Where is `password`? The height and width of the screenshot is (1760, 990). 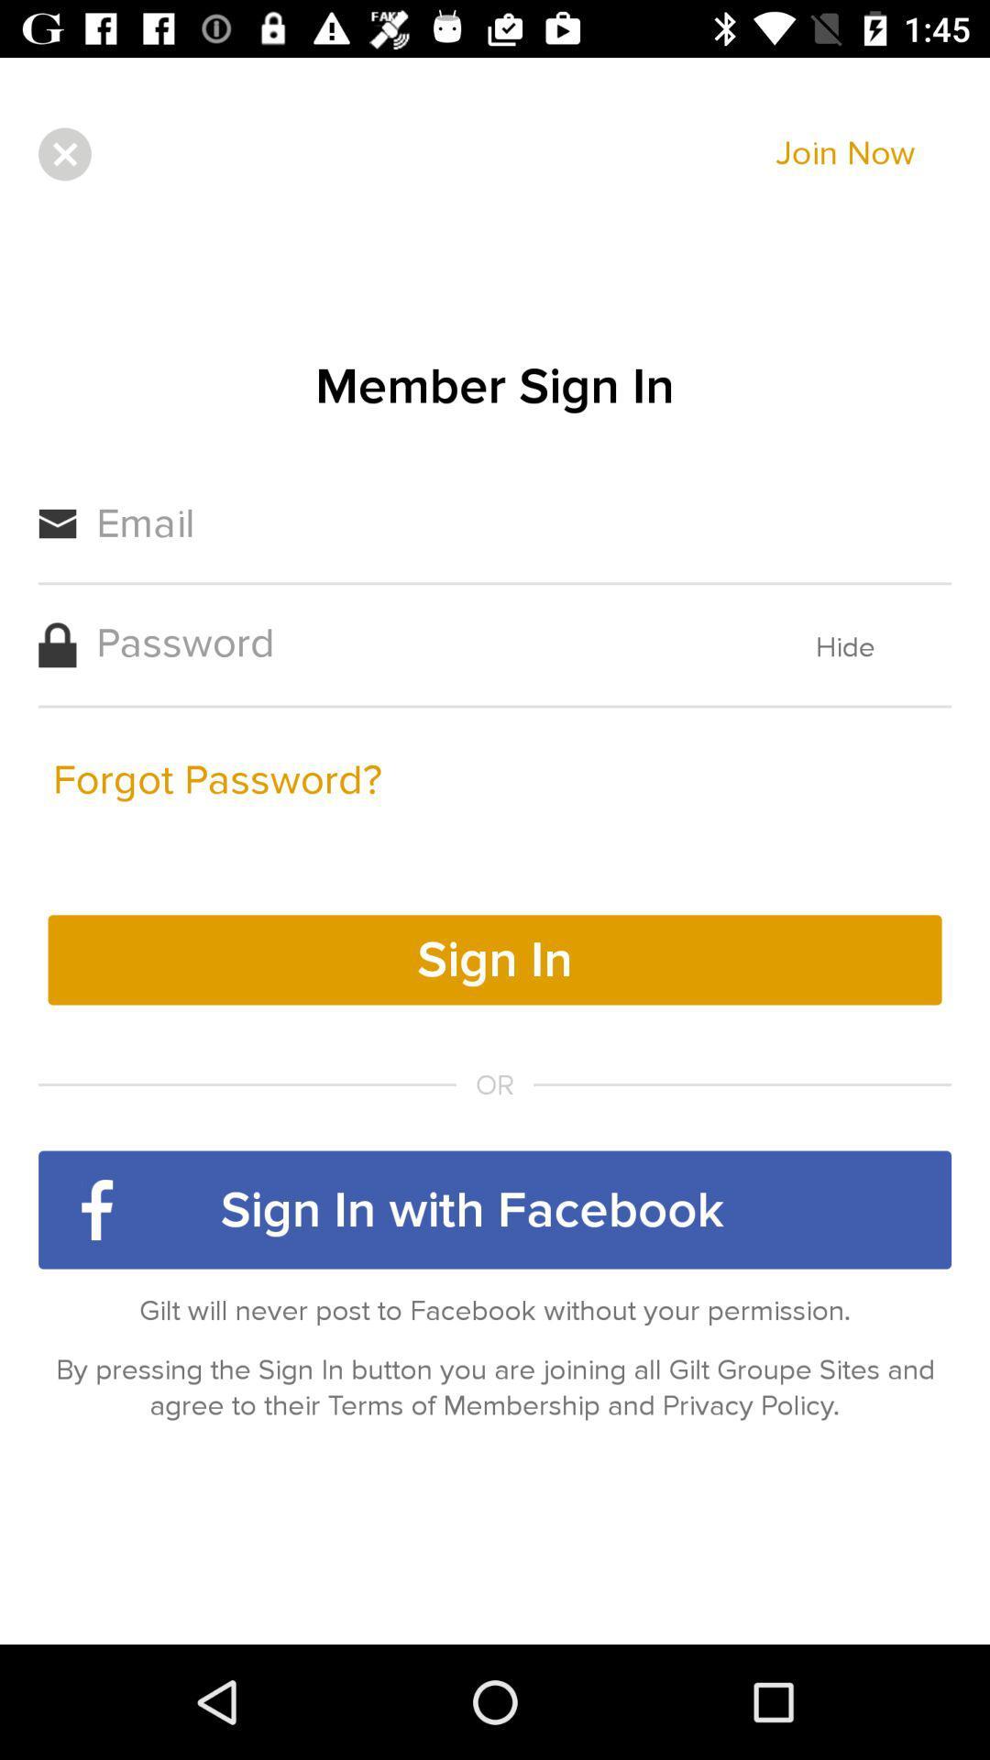 password is located at coordinates (417, 643).